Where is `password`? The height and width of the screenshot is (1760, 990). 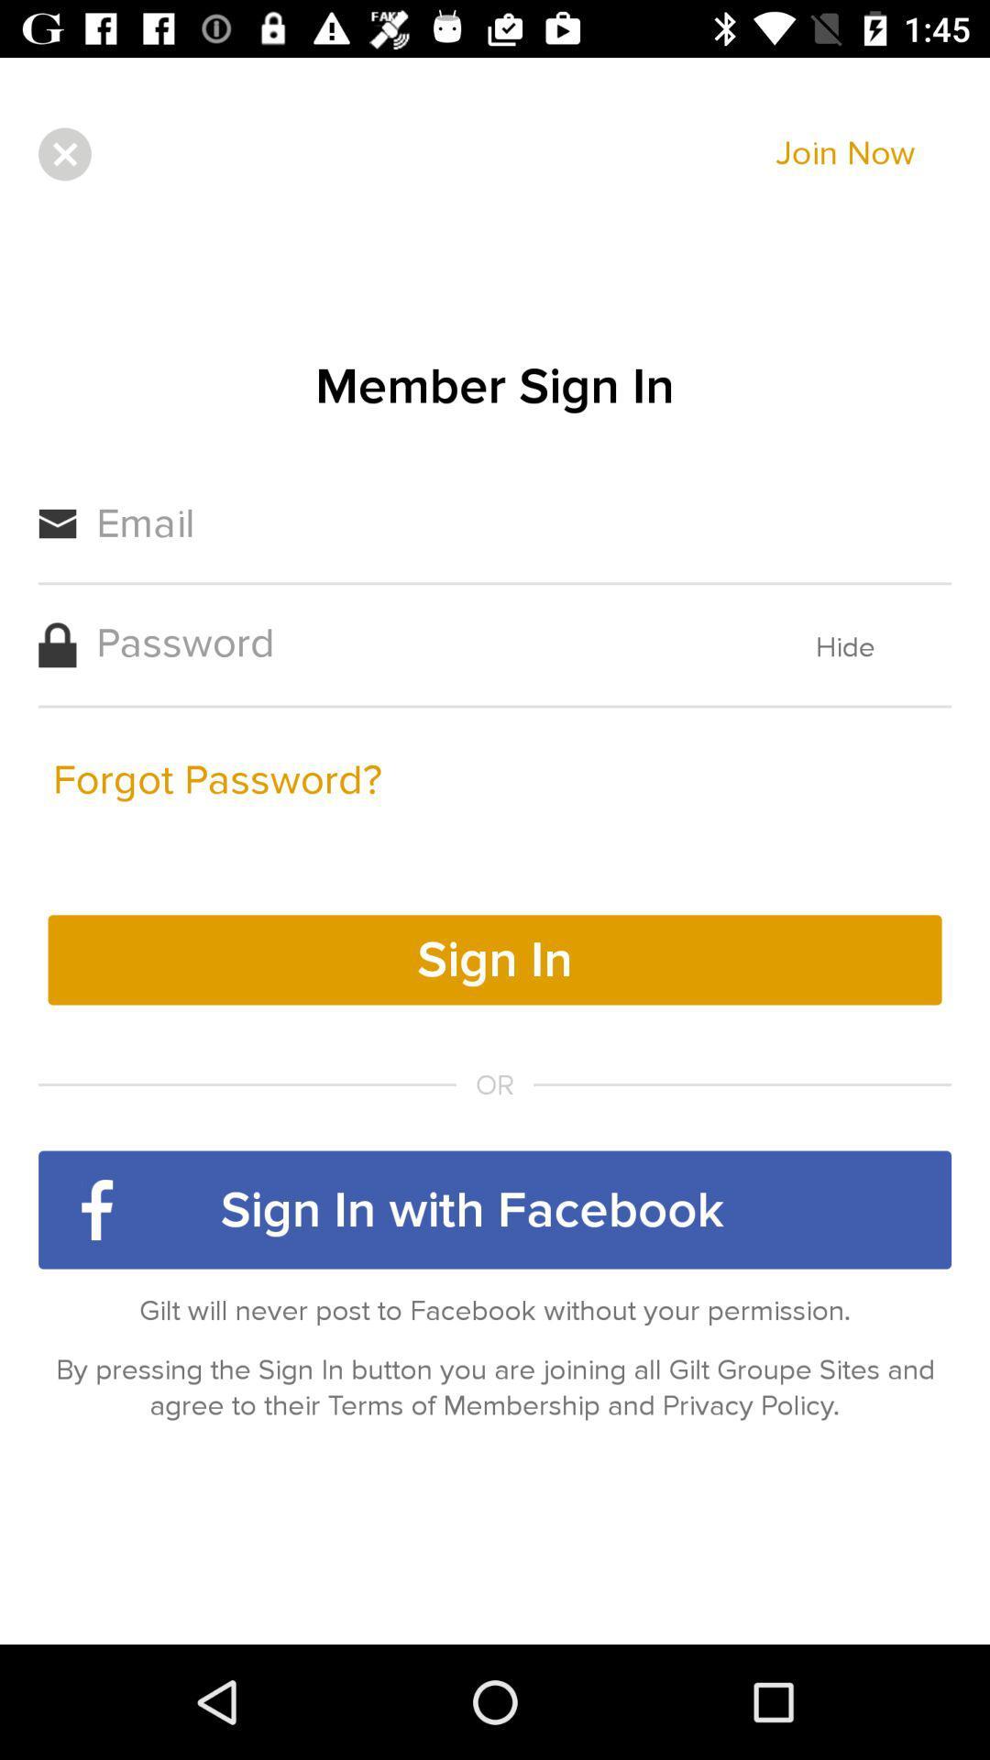 password is located at coordinates (417, 643).